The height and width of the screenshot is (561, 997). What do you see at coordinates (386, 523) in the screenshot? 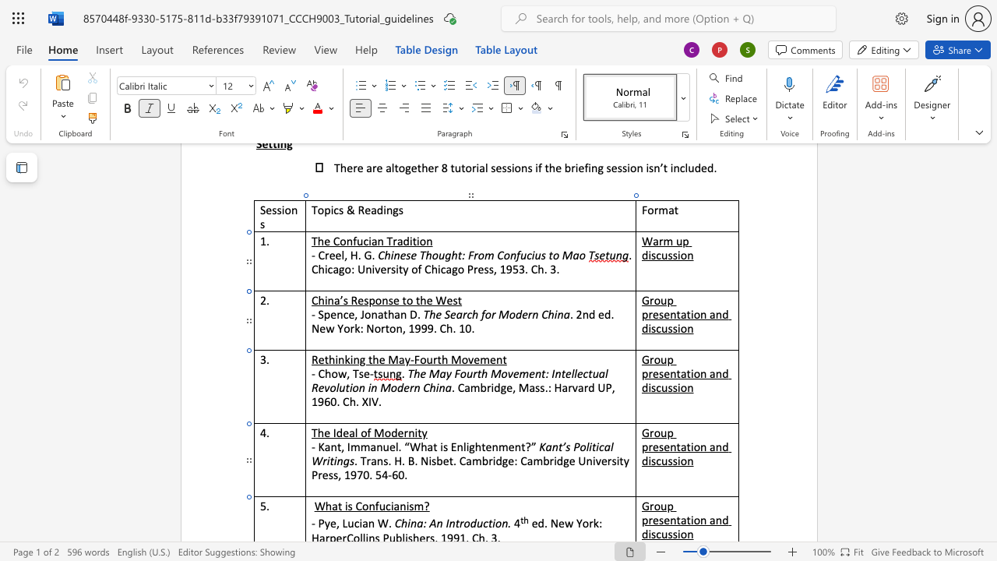
I see `the space between the continuous character "W" and "." in the text` at bounding box center [386, 523].